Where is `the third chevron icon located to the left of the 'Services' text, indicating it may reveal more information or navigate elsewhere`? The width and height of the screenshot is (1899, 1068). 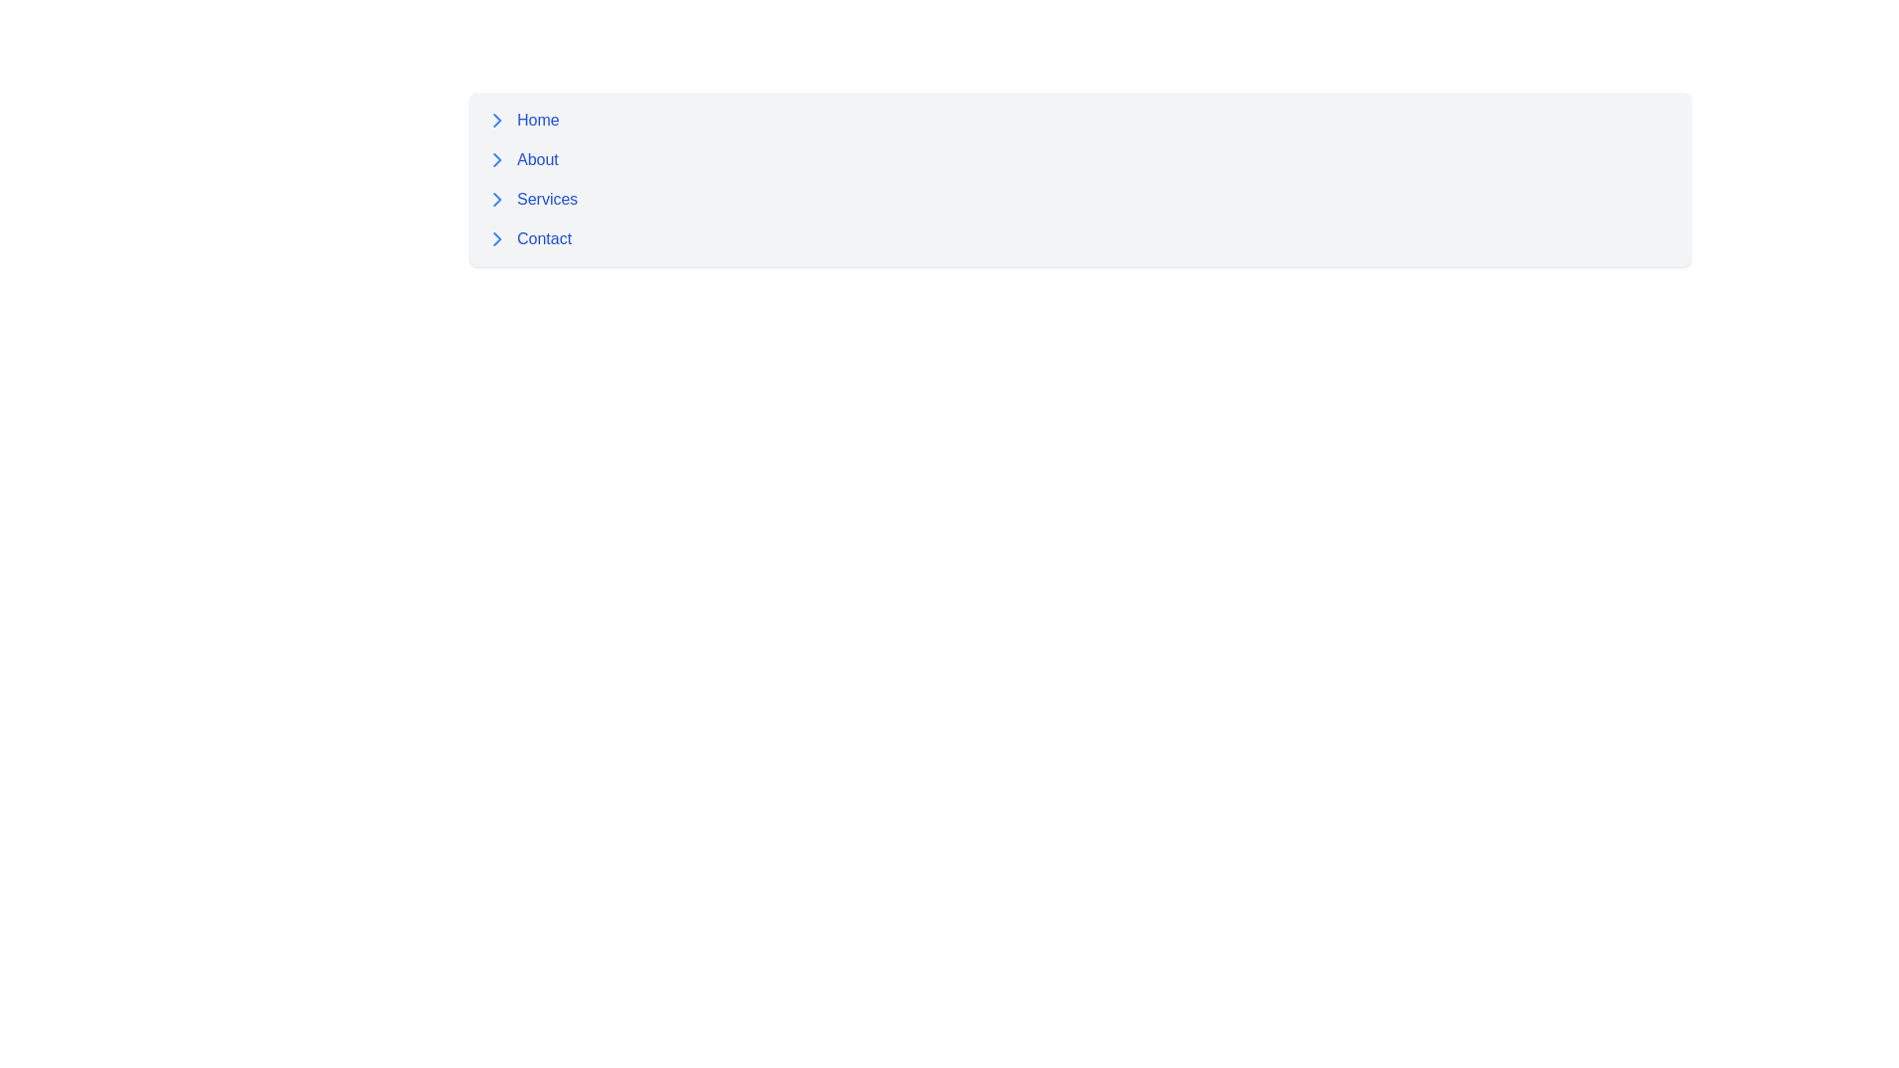 the third chevron icon located to the left of the 'Services' text, indicating it may reveal more information or navigate elsewhere is located at coordinates (497, 199).